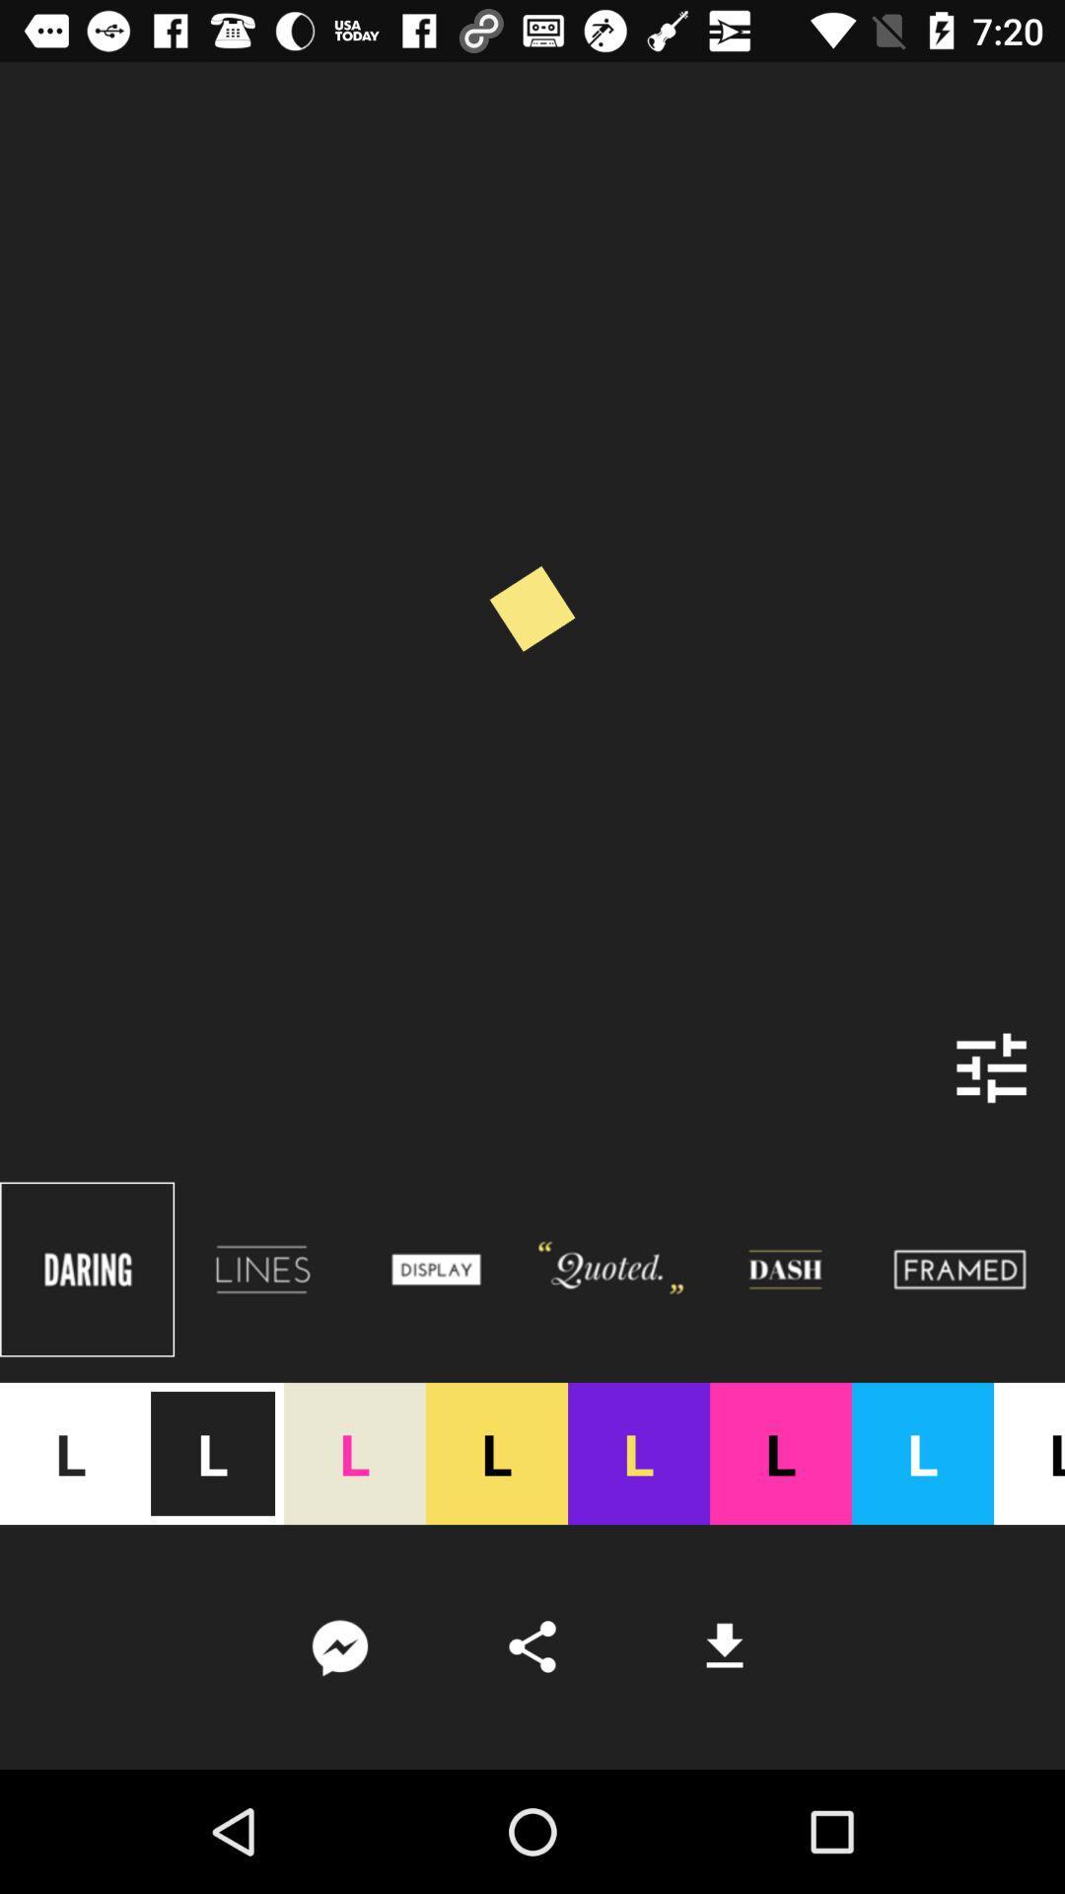  What do you see at coordinates (338, 1646) in the screenshot?
I see `the chat icon` at bounding box center [338, 1646].